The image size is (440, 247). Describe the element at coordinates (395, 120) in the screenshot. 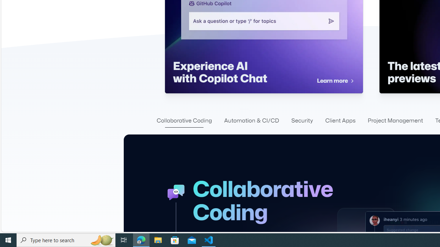

I see `'Project Management'` at that location.